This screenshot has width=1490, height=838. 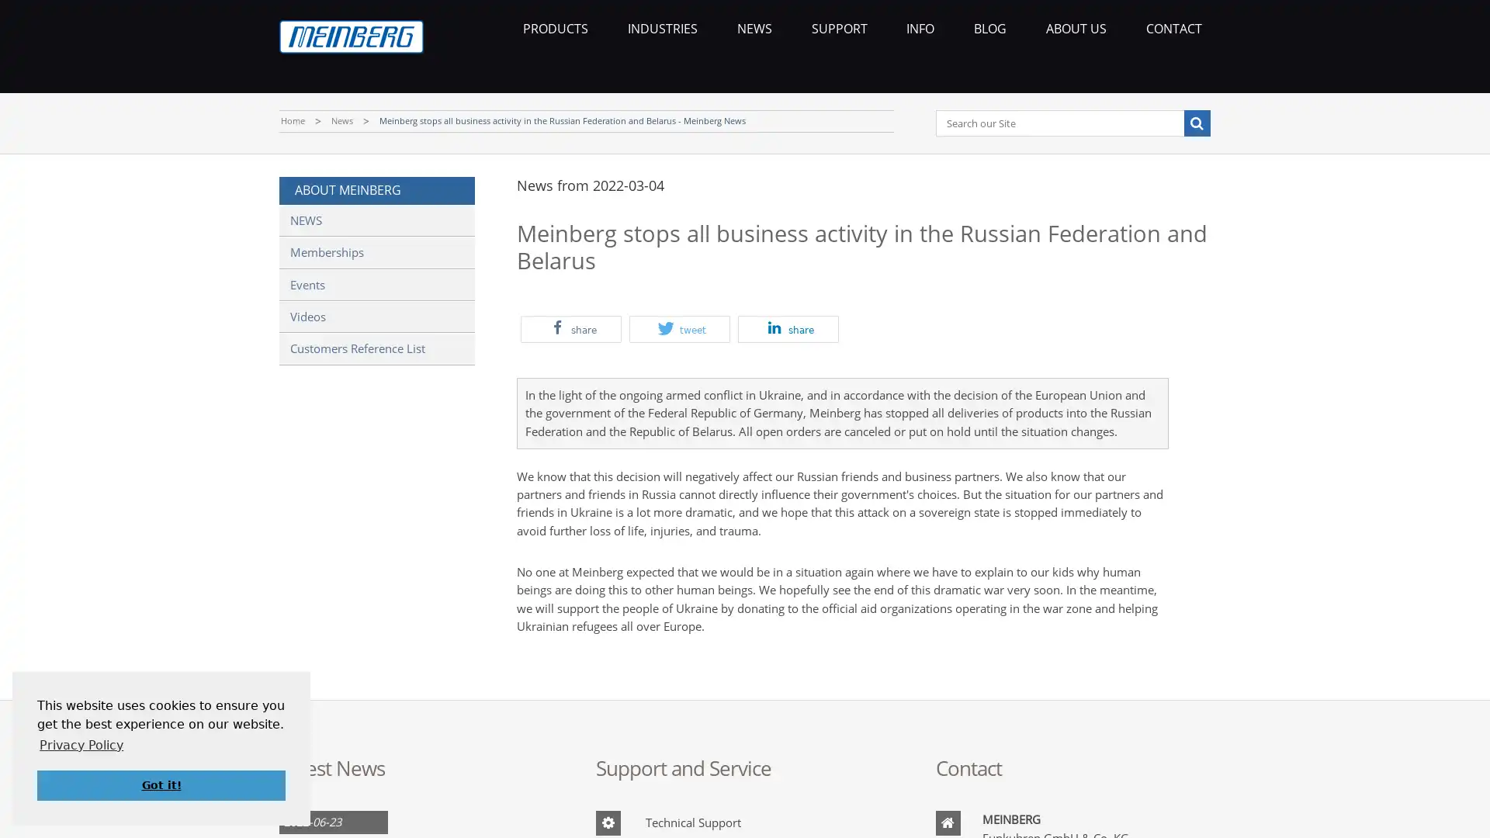 What do you see at coordinates (81, 744) in the screenshot?
I see `learn more about cookies` at bounding box center [81, 744].